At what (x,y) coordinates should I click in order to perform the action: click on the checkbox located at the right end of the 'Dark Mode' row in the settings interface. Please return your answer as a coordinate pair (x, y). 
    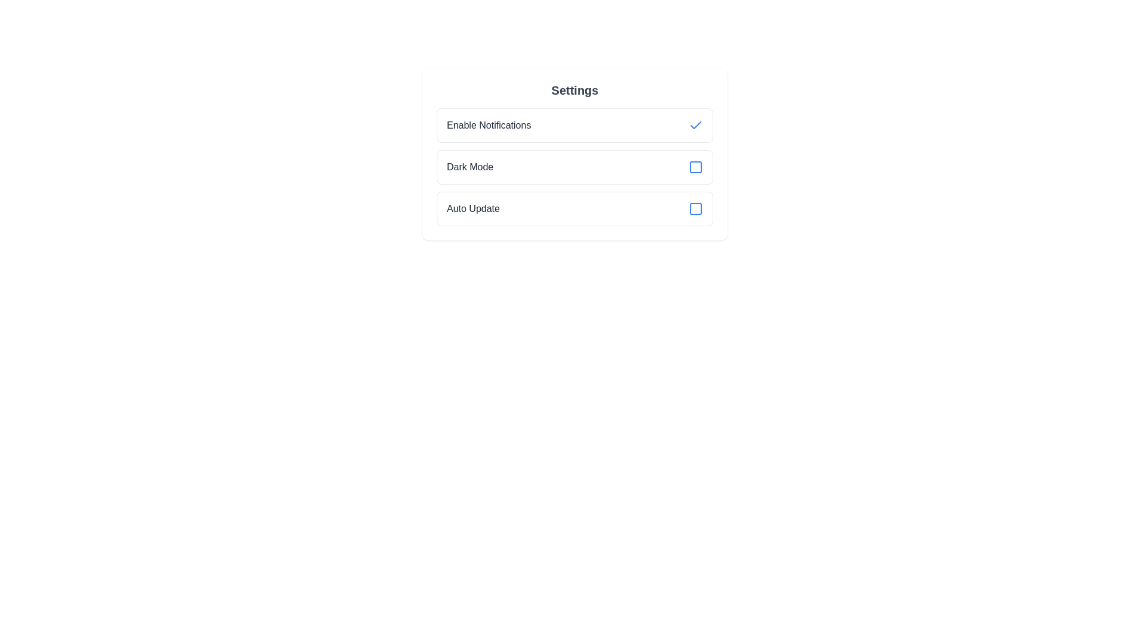
    Looking at the image, I should click on (695, 167).